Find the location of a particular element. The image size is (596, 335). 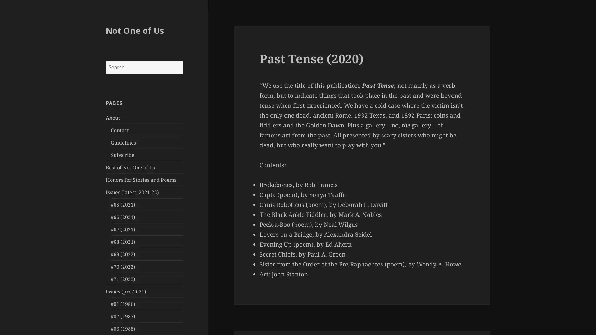

Search is located at coordinates (182, 61).